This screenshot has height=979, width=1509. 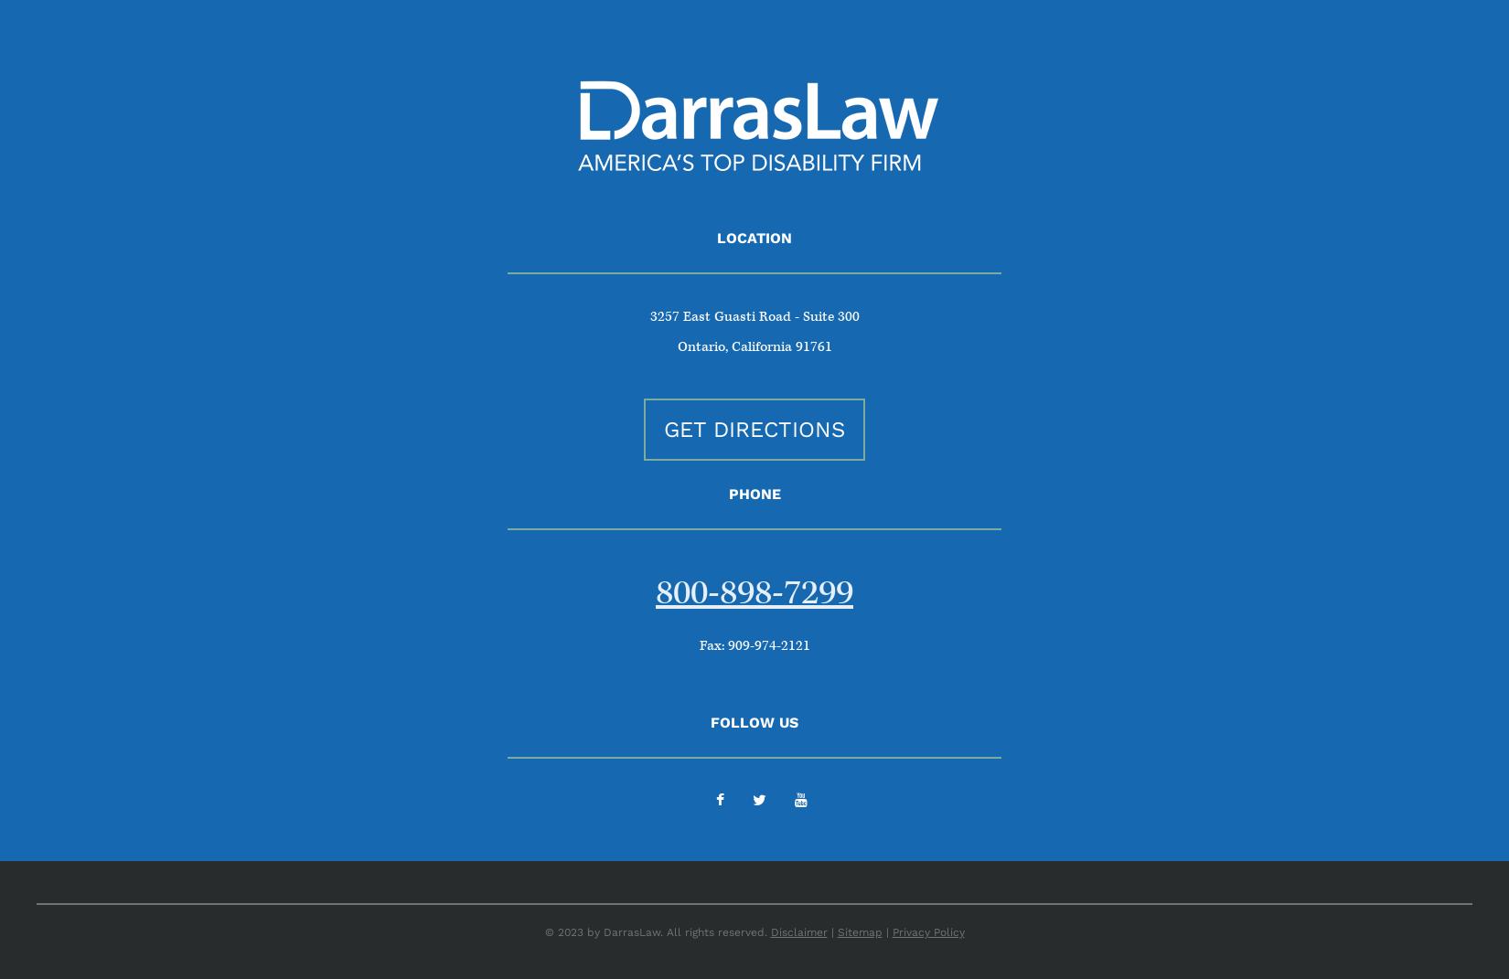 I want to click on 'Sitemap', so click(x=859, y=931).